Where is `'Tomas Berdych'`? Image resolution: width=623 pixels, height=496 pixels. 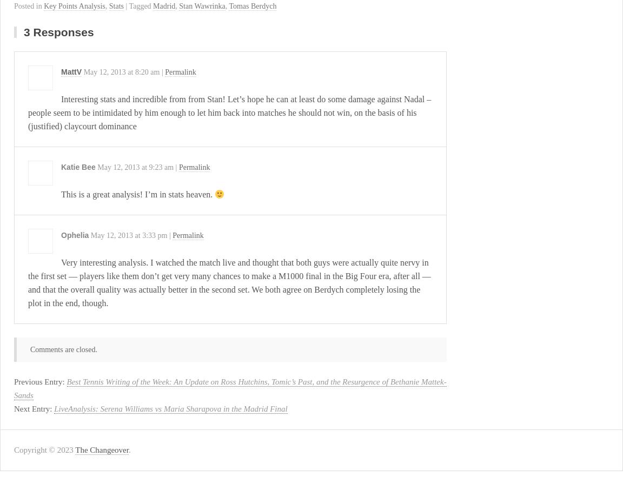 'Tomas Berdych' is located at coordinates (253, 6).